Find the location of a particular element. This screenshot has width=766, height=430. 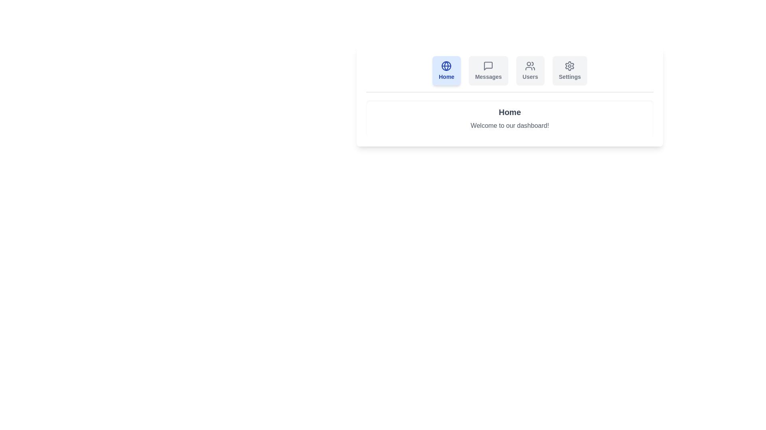

the tab labeled Home to observe its hover effect is located at coordinates (446, 70).